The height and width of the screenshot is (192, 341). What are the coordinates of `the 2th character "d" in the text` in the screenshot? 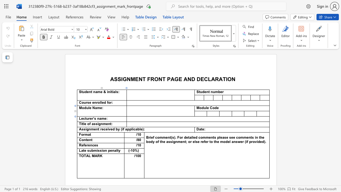 It's located at (216, 108).